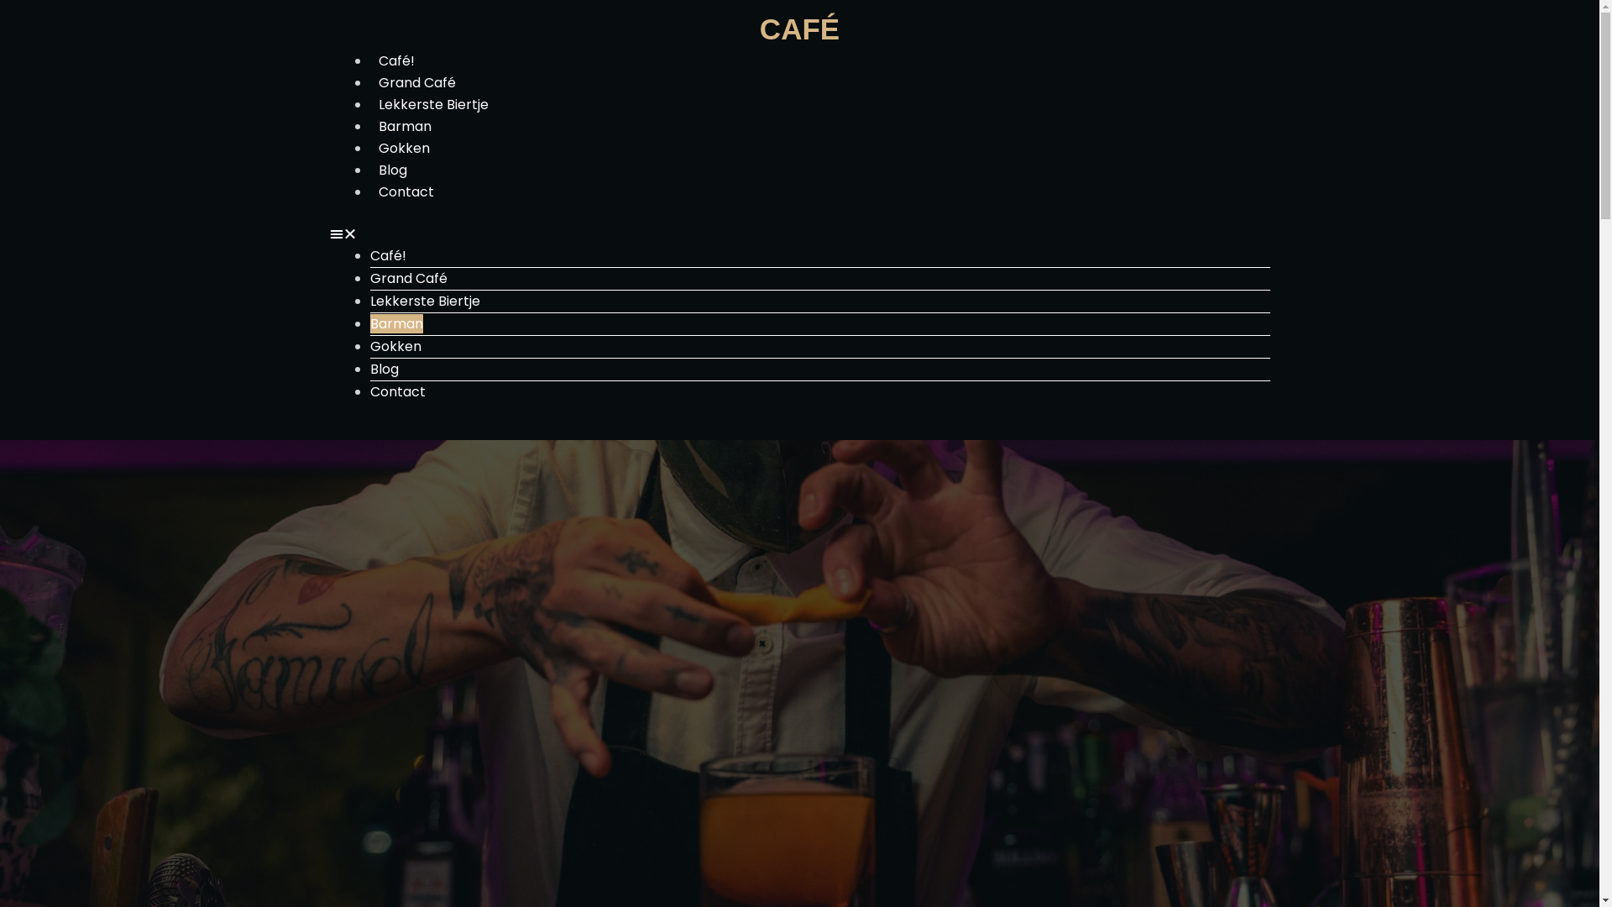  What do you see at coordinates (432, 104) in the screenshot?
I see `'Lekkerste Biertje'` at bounding box center [432, 104].